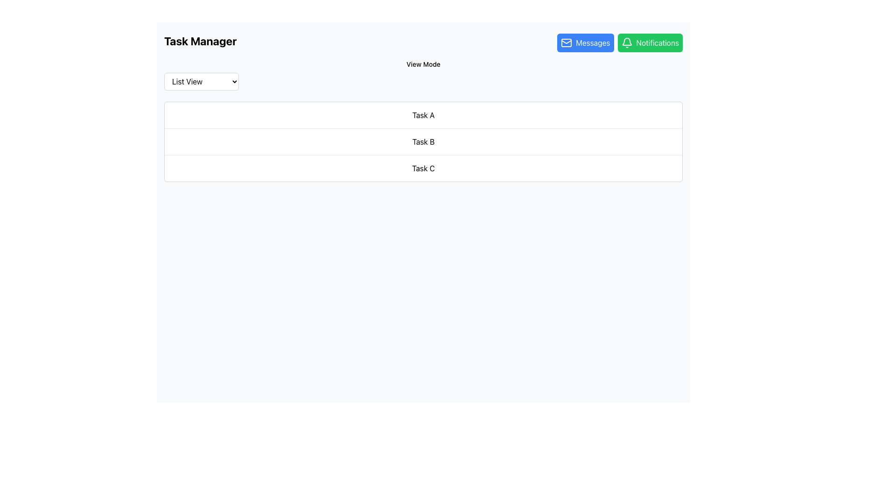 The width and height of the screenshot is (896, 504). Describe the element at coordinates (423, 141) in the screenshot. I see `the static text row element labeled 'Task B', which is the second item in a vertical list of three items, styled with padding and a hover effect` at that location.